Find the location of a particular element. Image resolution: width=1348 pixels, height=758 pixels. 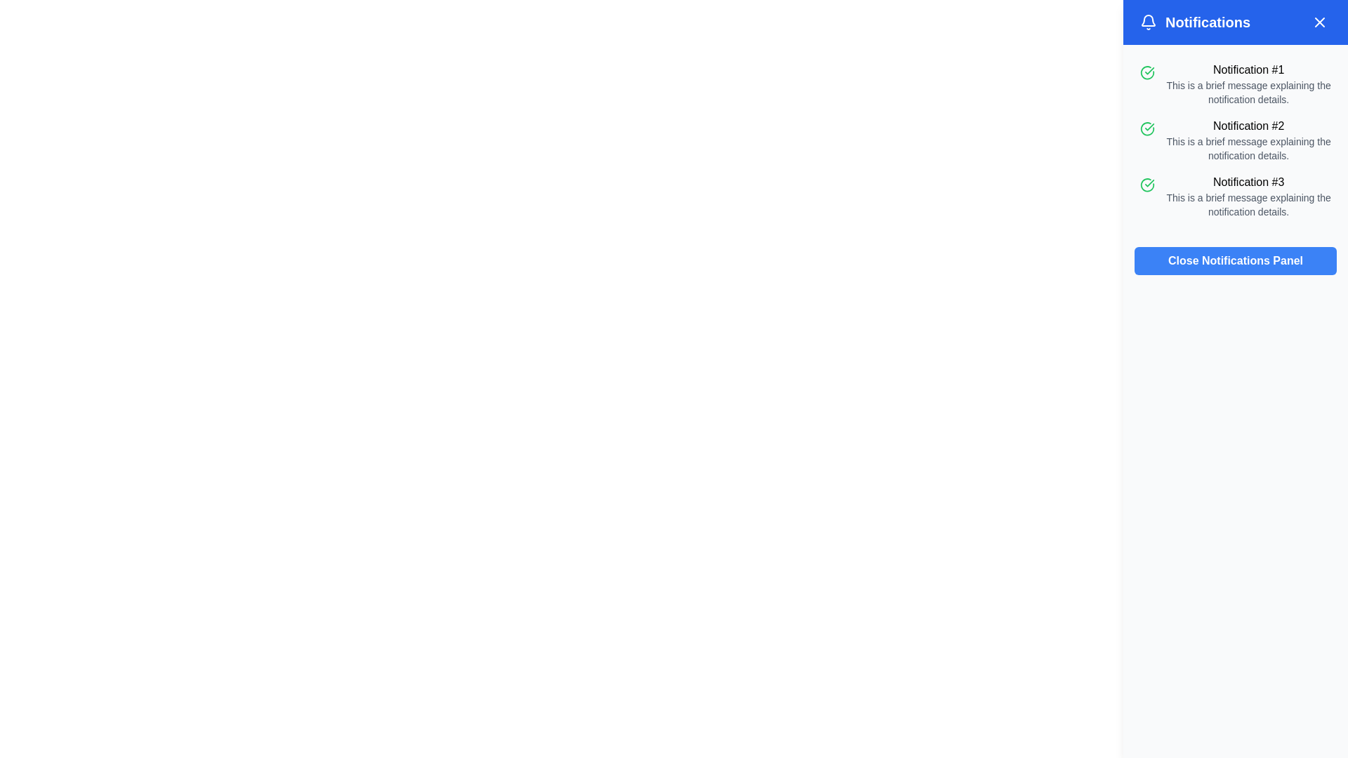

the green circular icon with a check mark inside, which signifies success and is located to the left of the text 'Notification #3 This is a brief message explaining the notification details.' is located at coordinates (1147, 184).